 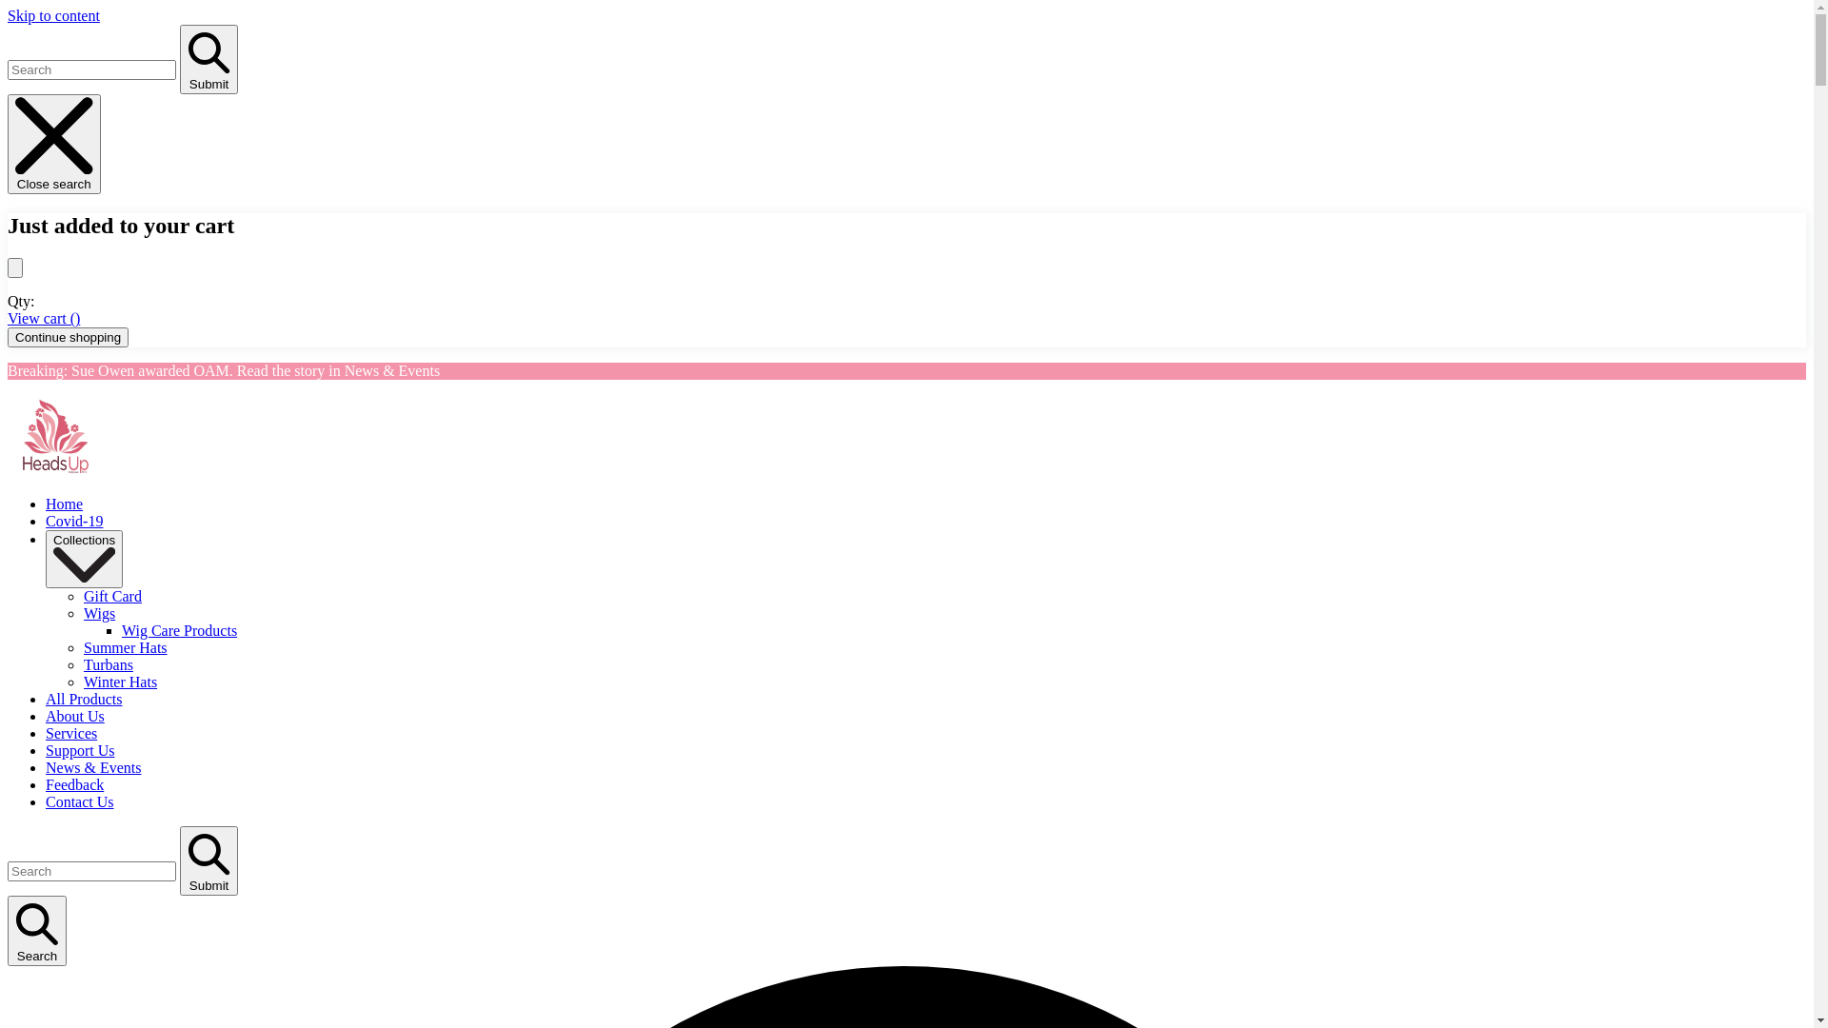 I want to click on 'Submit', so click(x=209, y=58).